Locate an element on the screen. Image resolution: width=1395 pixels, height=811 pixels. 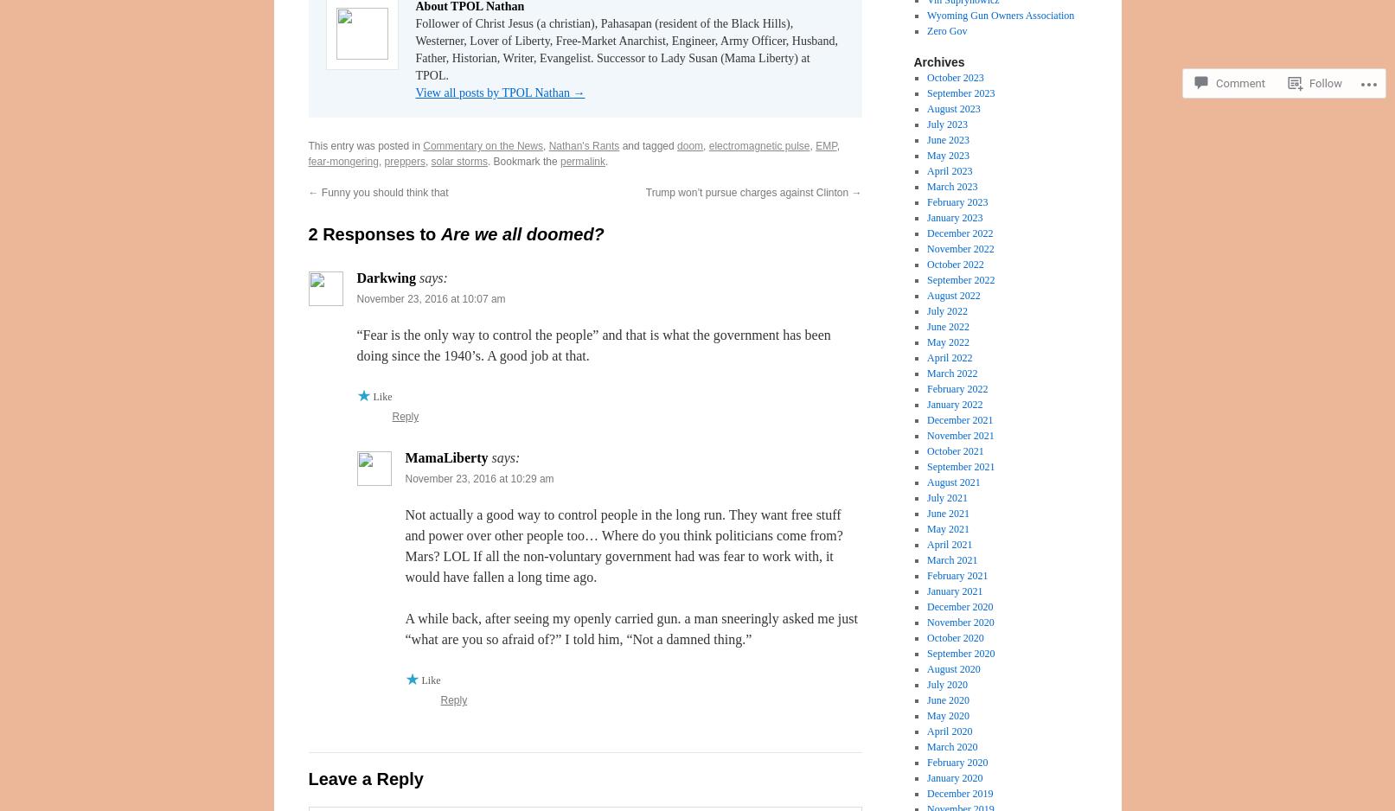
'April 2023' is located at coordinates (949, 170).